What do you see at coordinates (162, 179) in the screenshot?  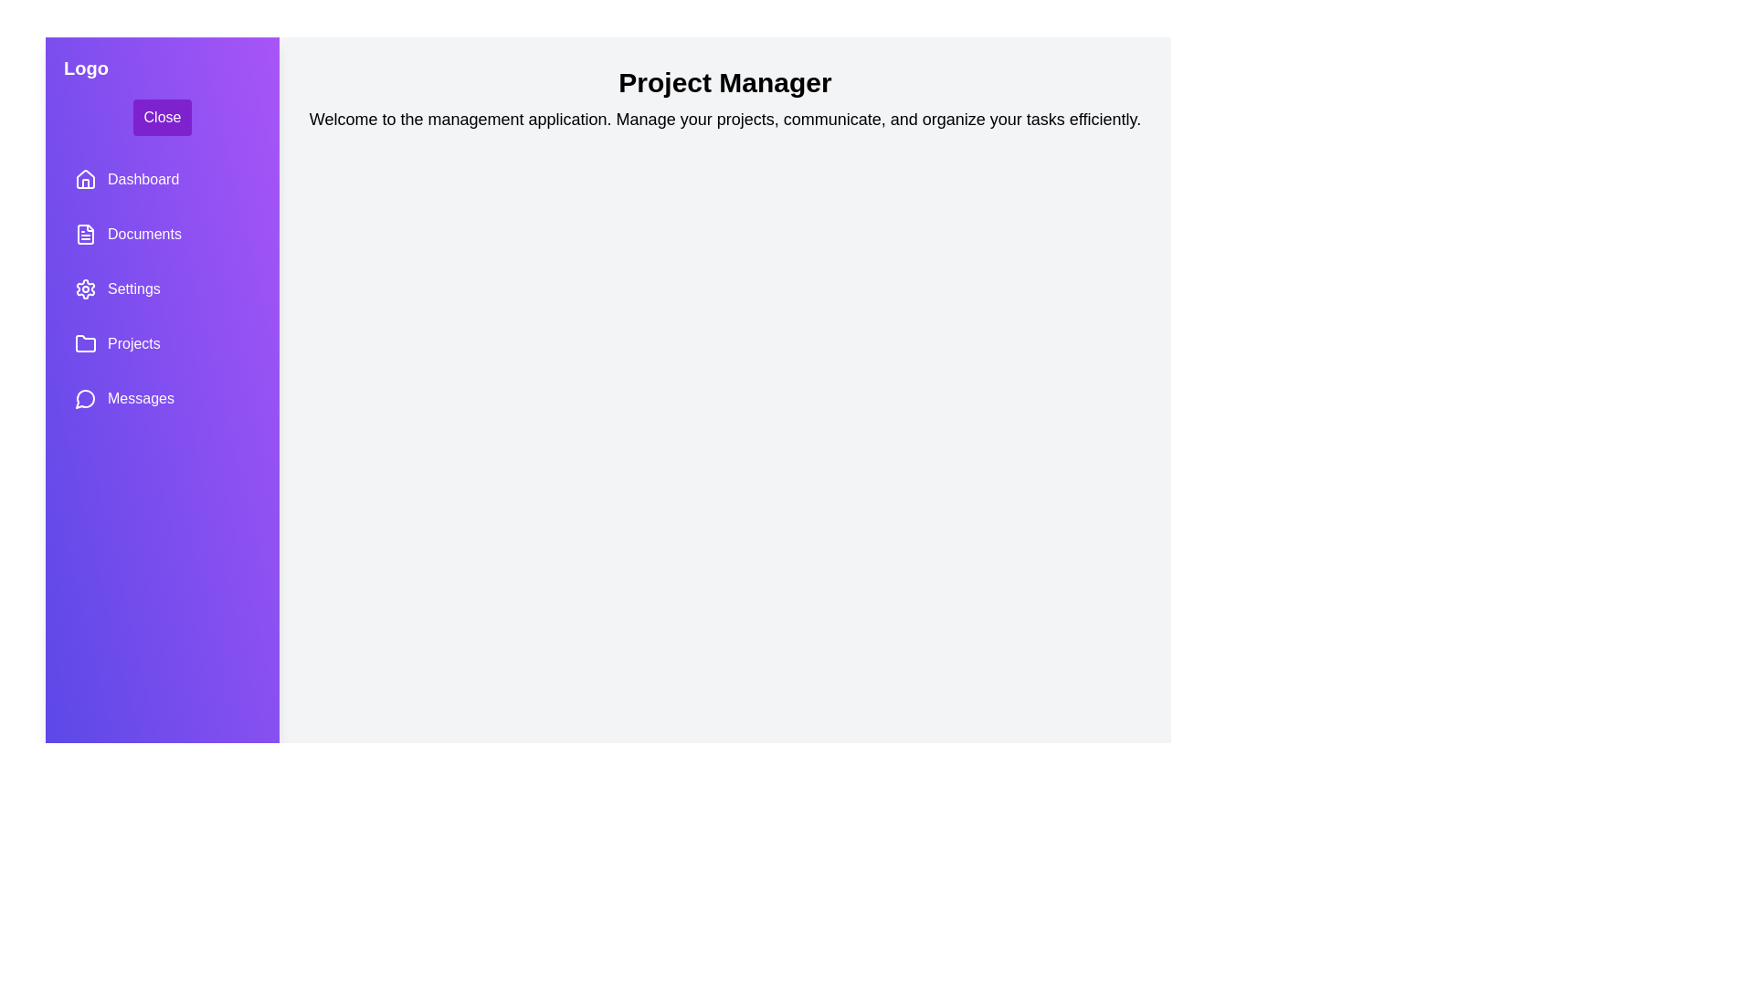 I see `the navigation item labeled Dashboard to navigate to the respective section` at bounding box center [162, 179].